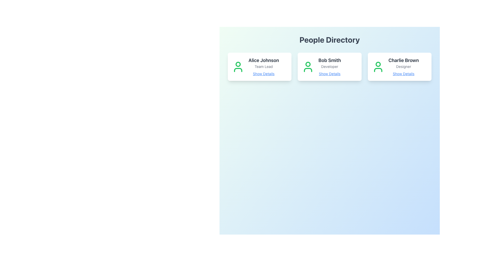  Describe the element at coordinates (403, 74) in the screenshot. I see `the hyperlink at the bottom of Charlie Brown's card to view the context menu` at that location.